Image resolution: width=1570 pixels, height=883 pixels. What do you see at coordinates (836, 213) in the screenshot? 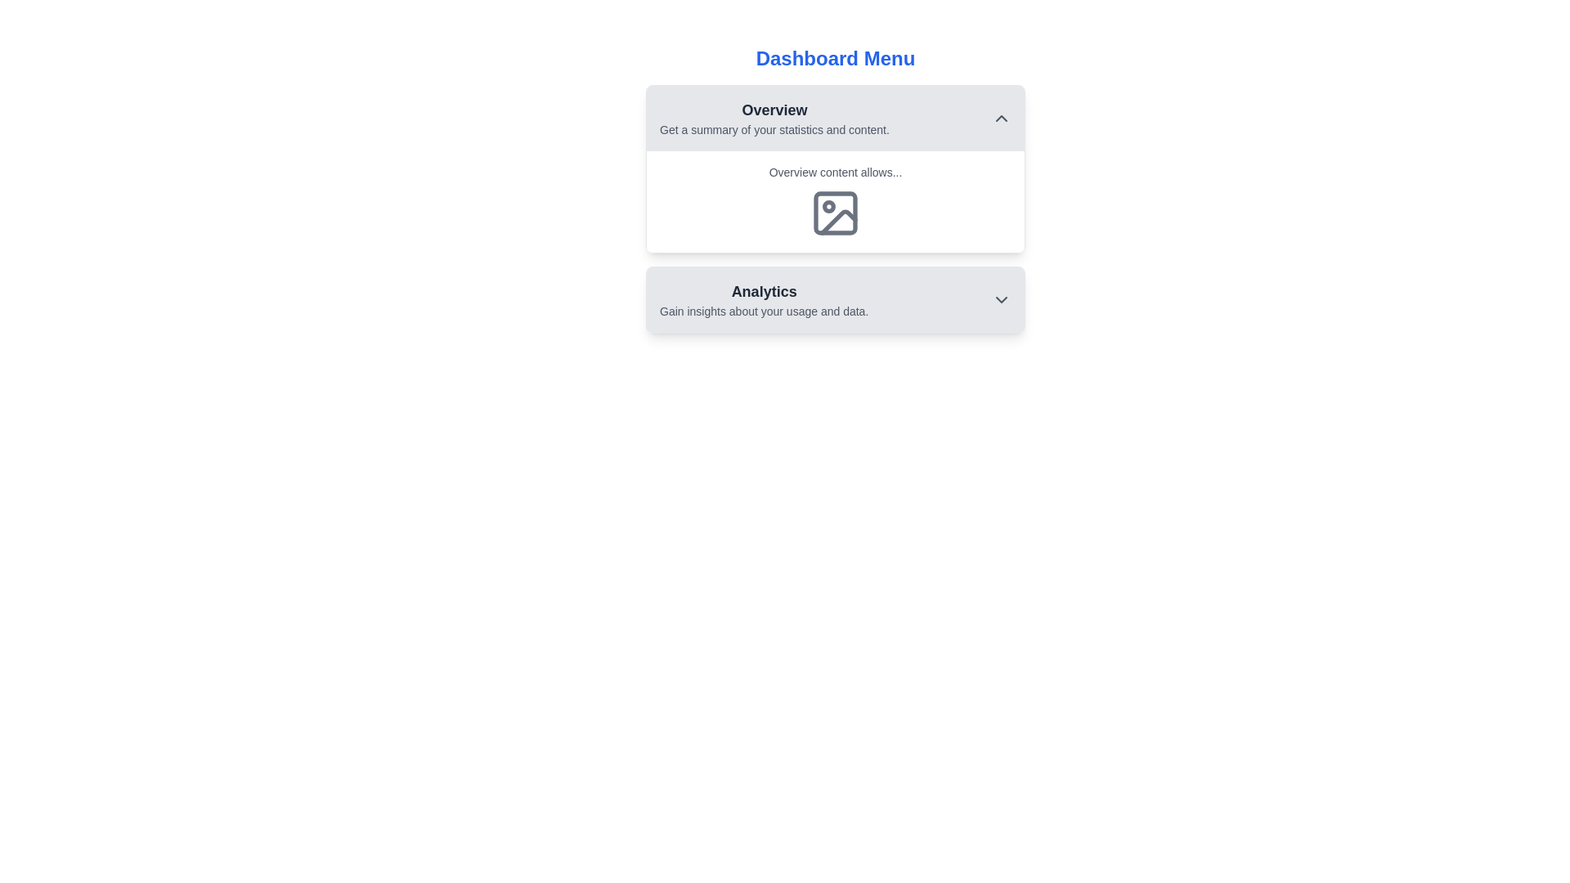
I see `the graphic icon styled with line art design located in the Overview section of the dashboard menu, situated below the descriptive text block starting with 'Overview content allows...'` at bounding box center [836, 213].